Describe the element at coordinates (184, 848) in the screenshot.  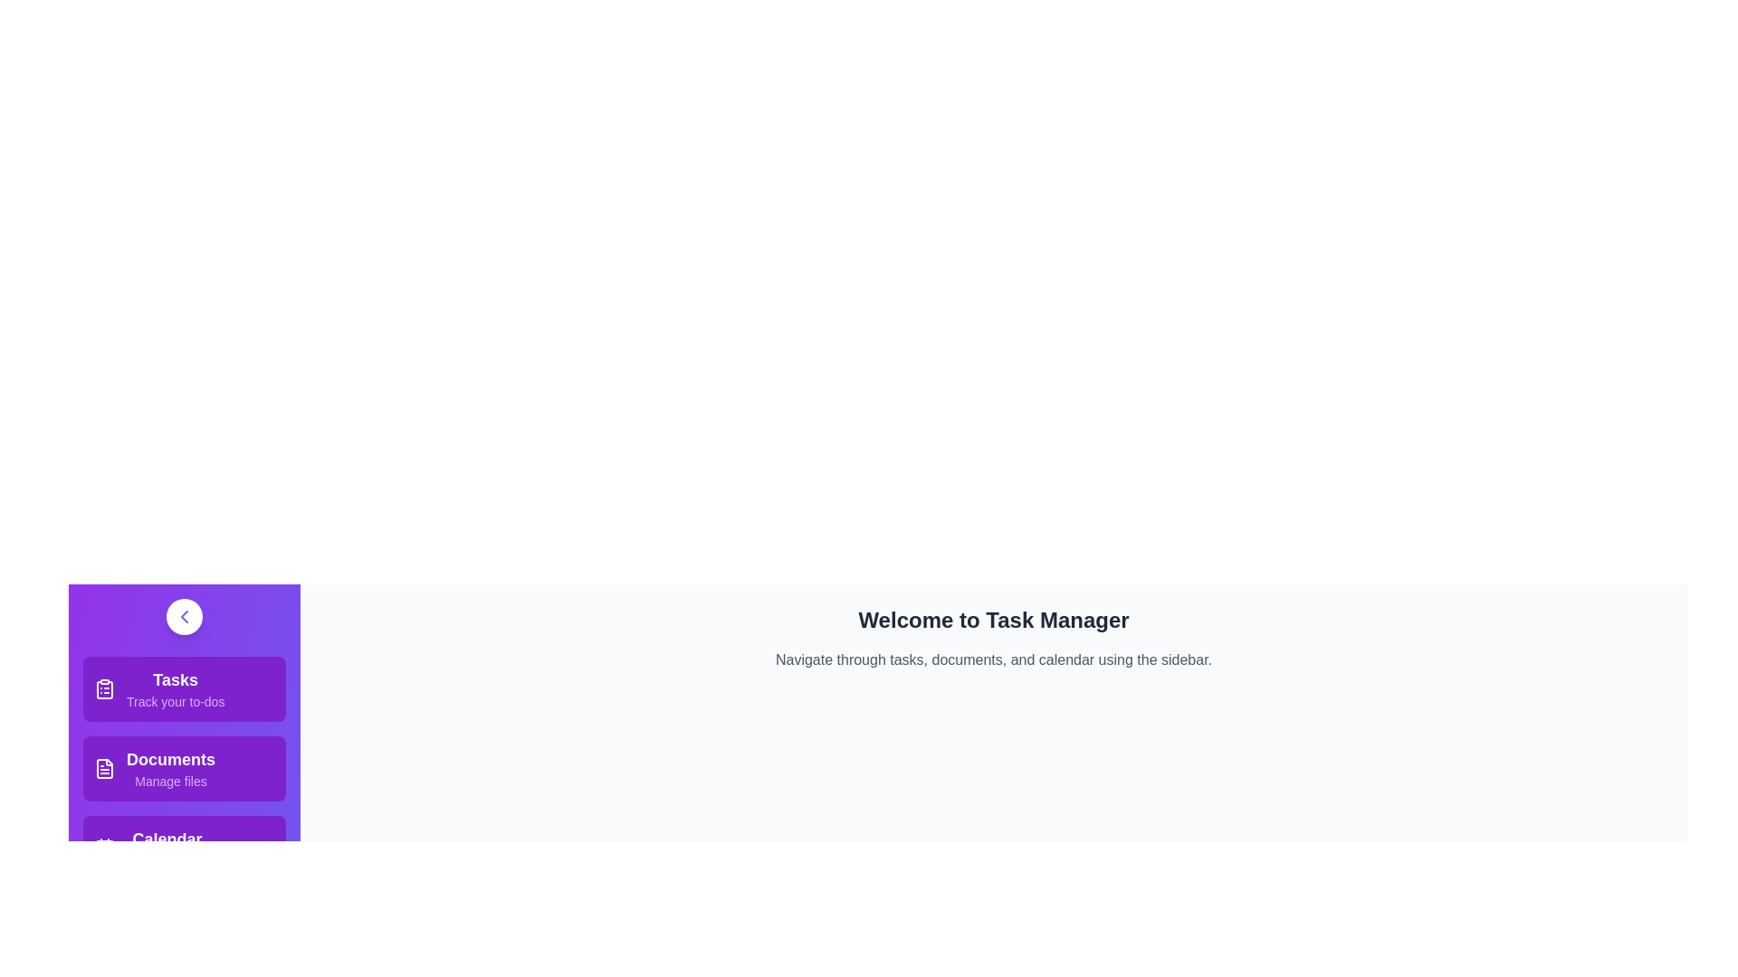
I see `the menu item corresponding to Calendar to view its details` at that location.